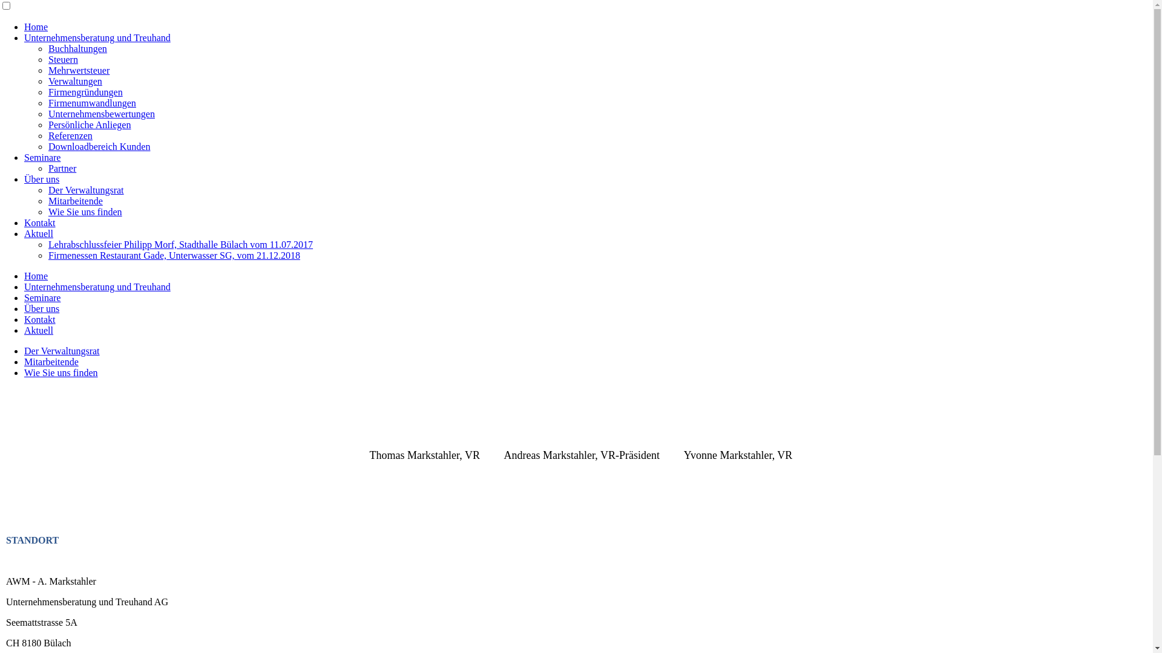  Describe the element at coordinates (91, 102) in the screenshot. I see `'Firmenumwandlungen'` at that location.